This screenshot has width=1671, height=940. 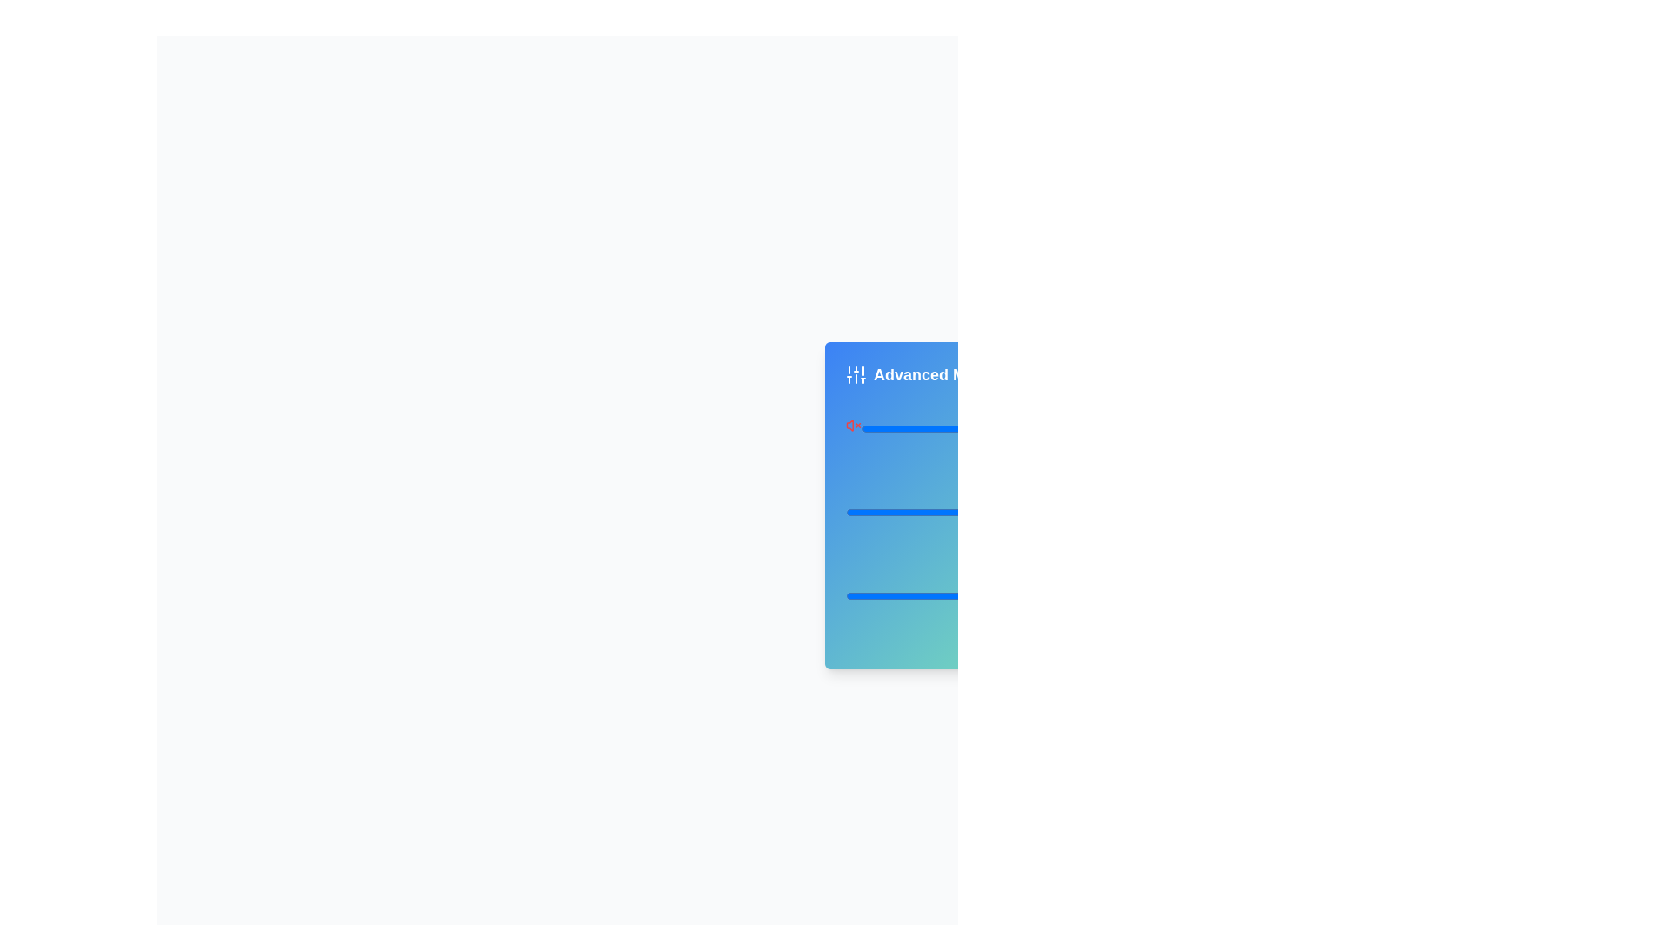 I want to click on the slider, so click(x=960, y=429).